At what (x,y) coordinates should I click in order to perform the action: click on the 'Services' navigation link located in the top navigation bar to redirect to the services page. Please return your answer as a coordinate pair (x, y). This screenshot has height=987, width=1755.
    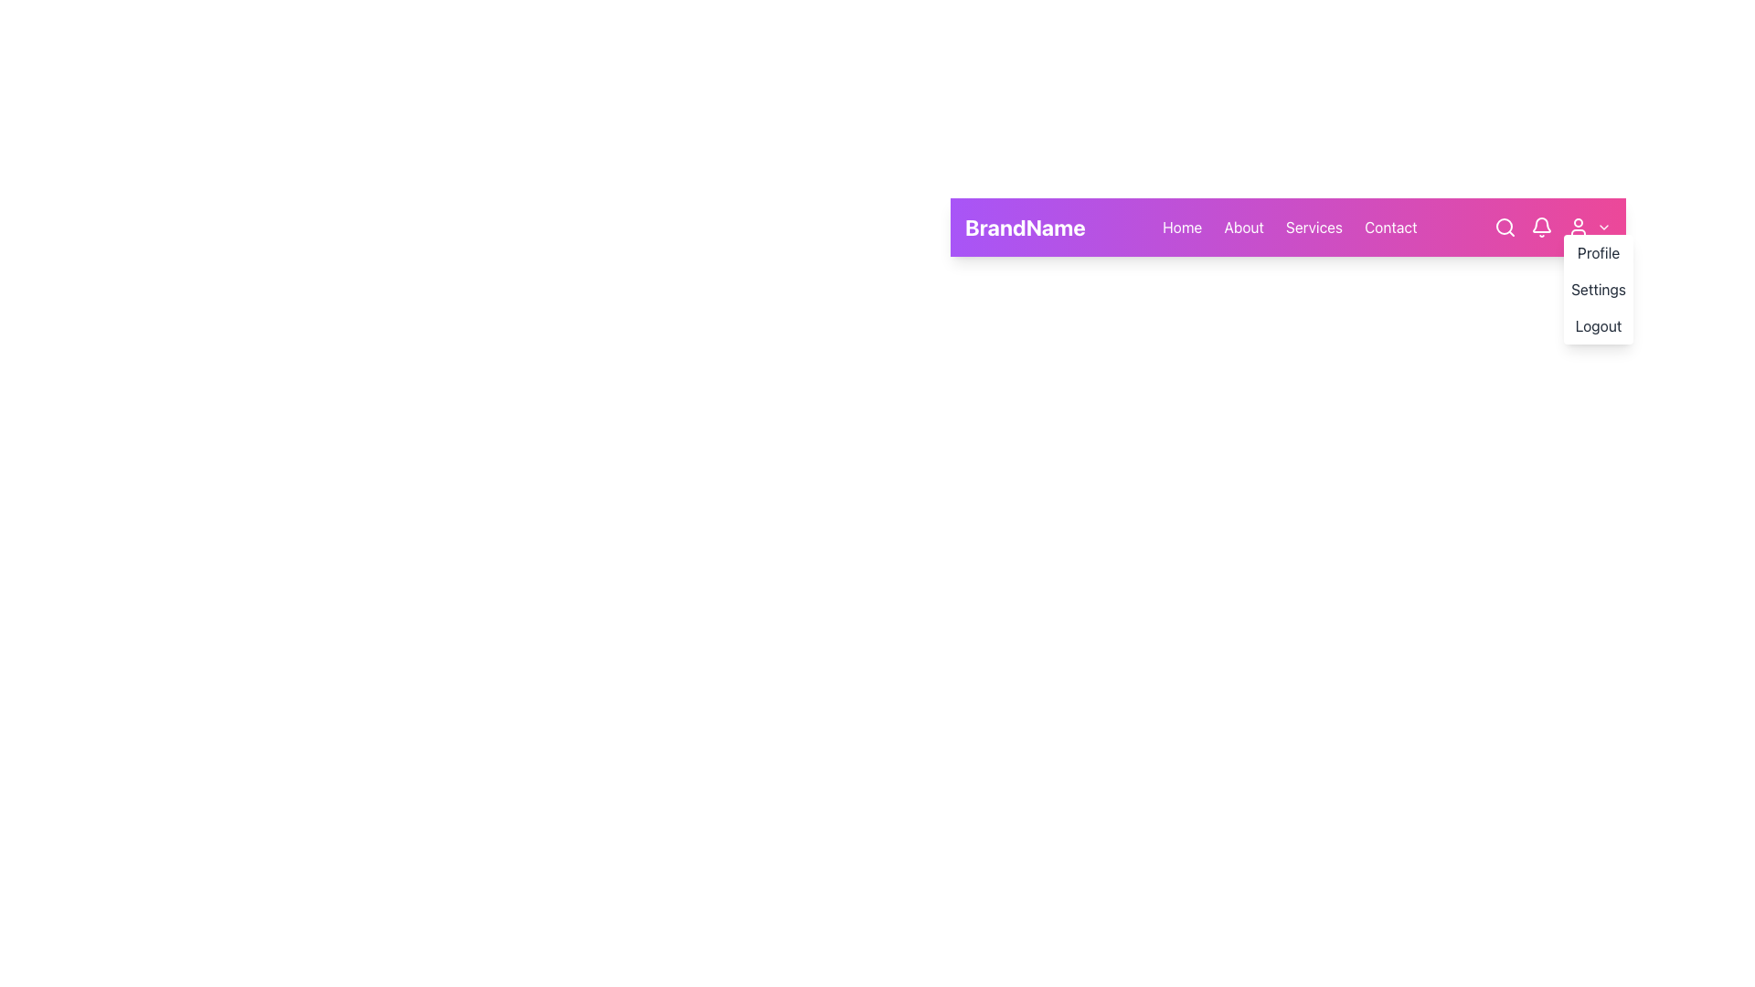
    Looking at the image, I should click on (1287, 227).